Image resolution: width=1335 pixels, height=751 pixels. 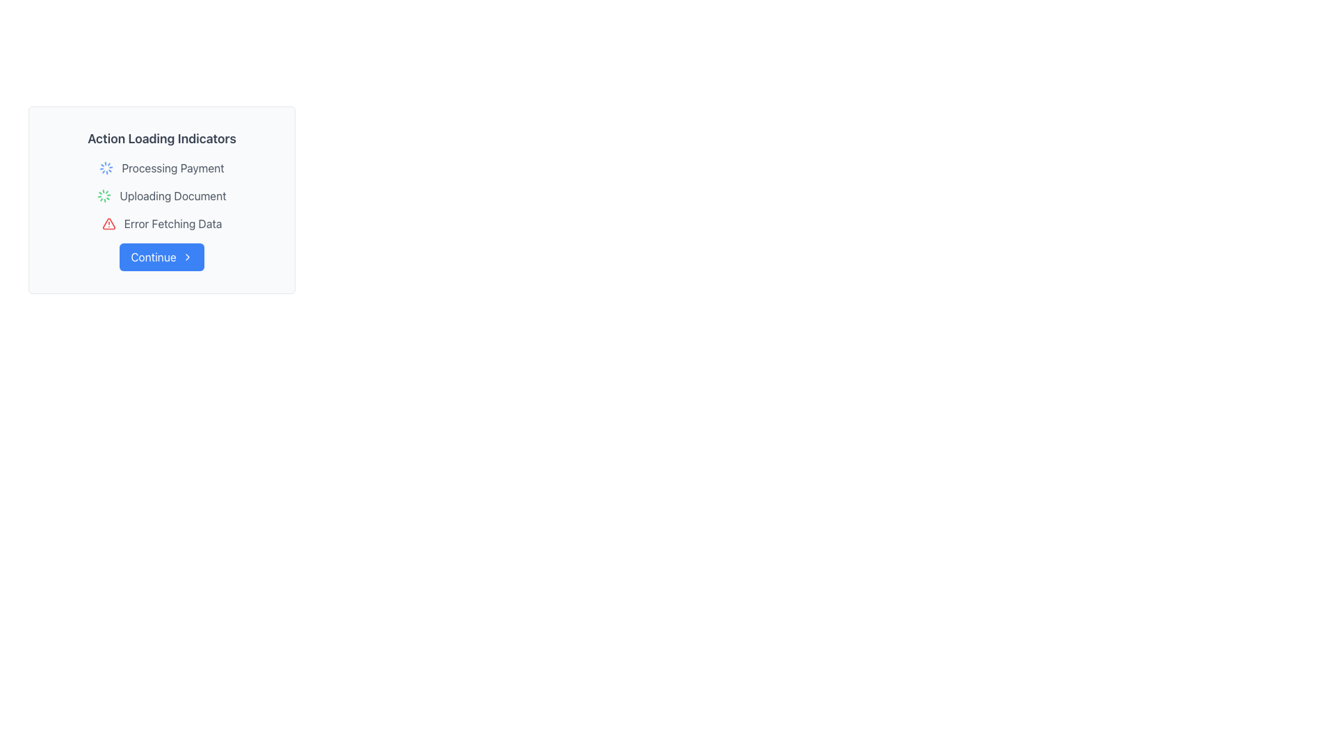 What do you see at coordinates (172, 168) in the screenshot?
I see `the text label displaying 'Processing Payment' in gray color, which indicates a loading state following a spinner icon` at bounding box center [172, 168].